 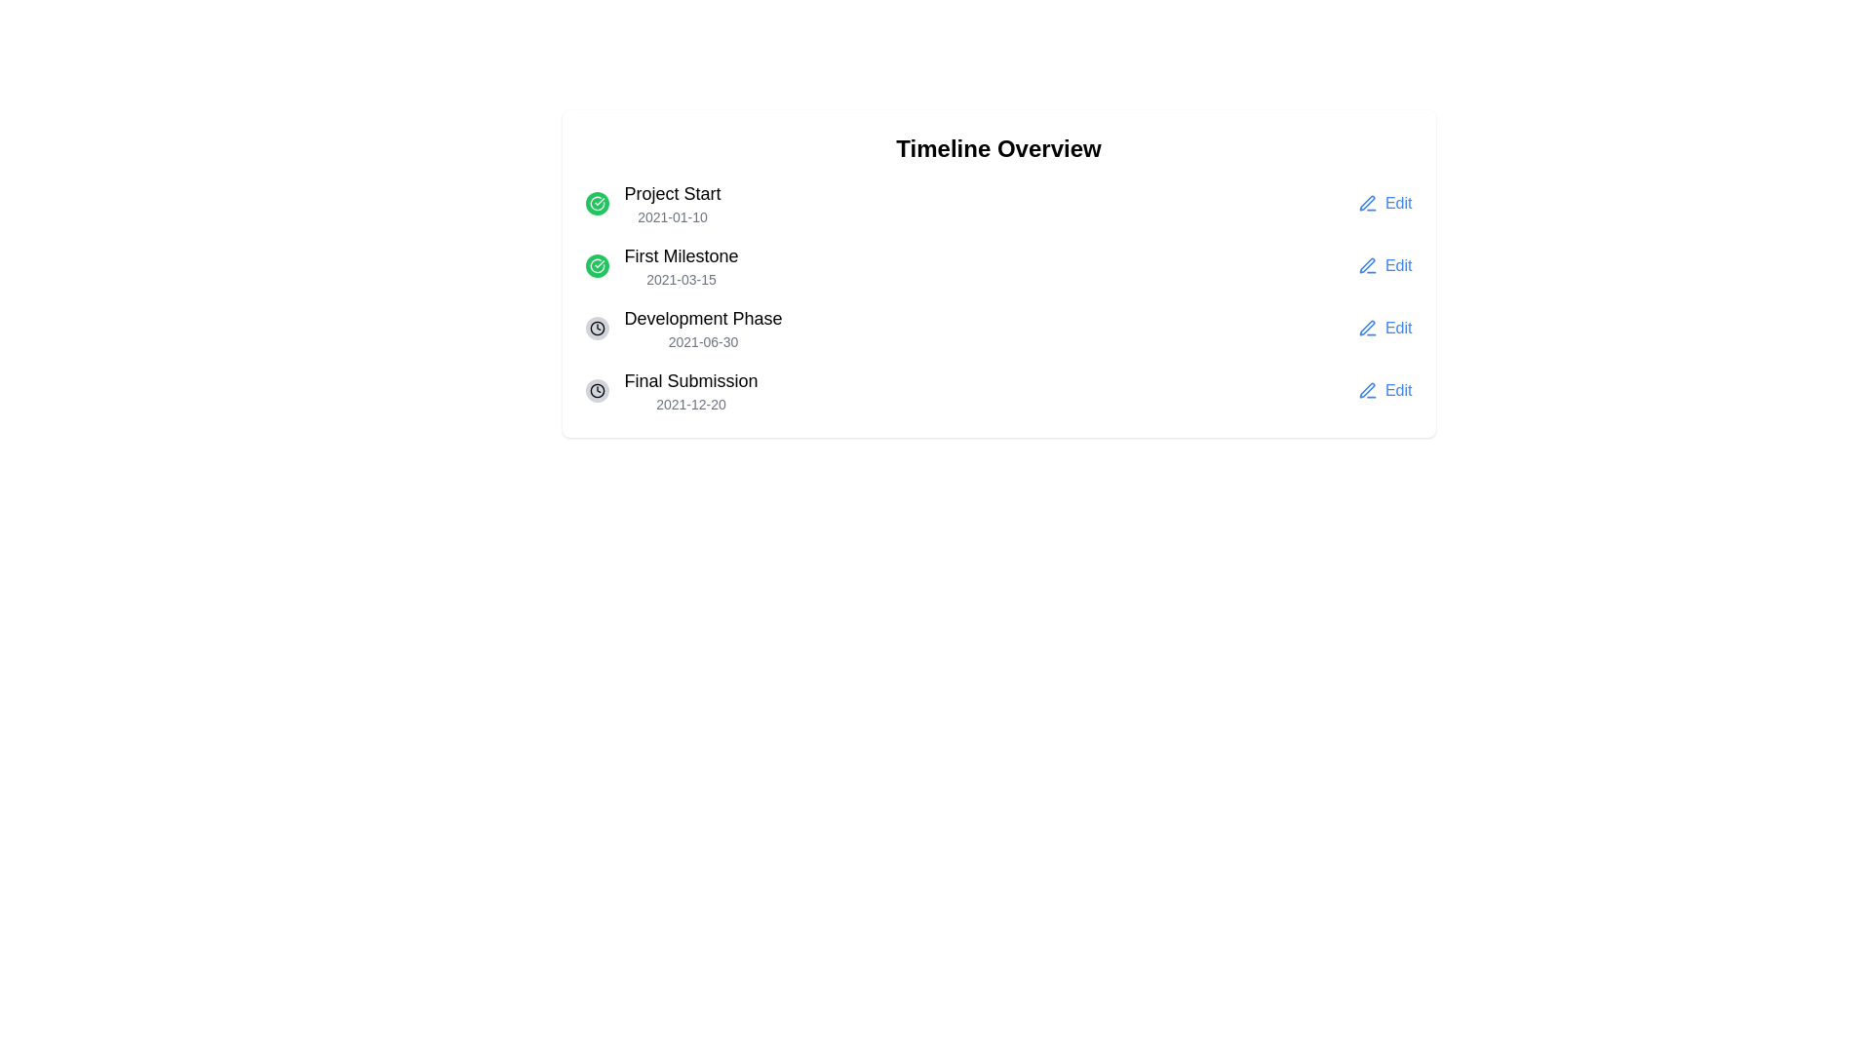 What do you see at coordinates (596, 391) in the screenshot?
I see `the first icon in the group associated with 'Final Submission', which visually represents the status or type of this milestone on the timeline` at bounding box center [596, 391].